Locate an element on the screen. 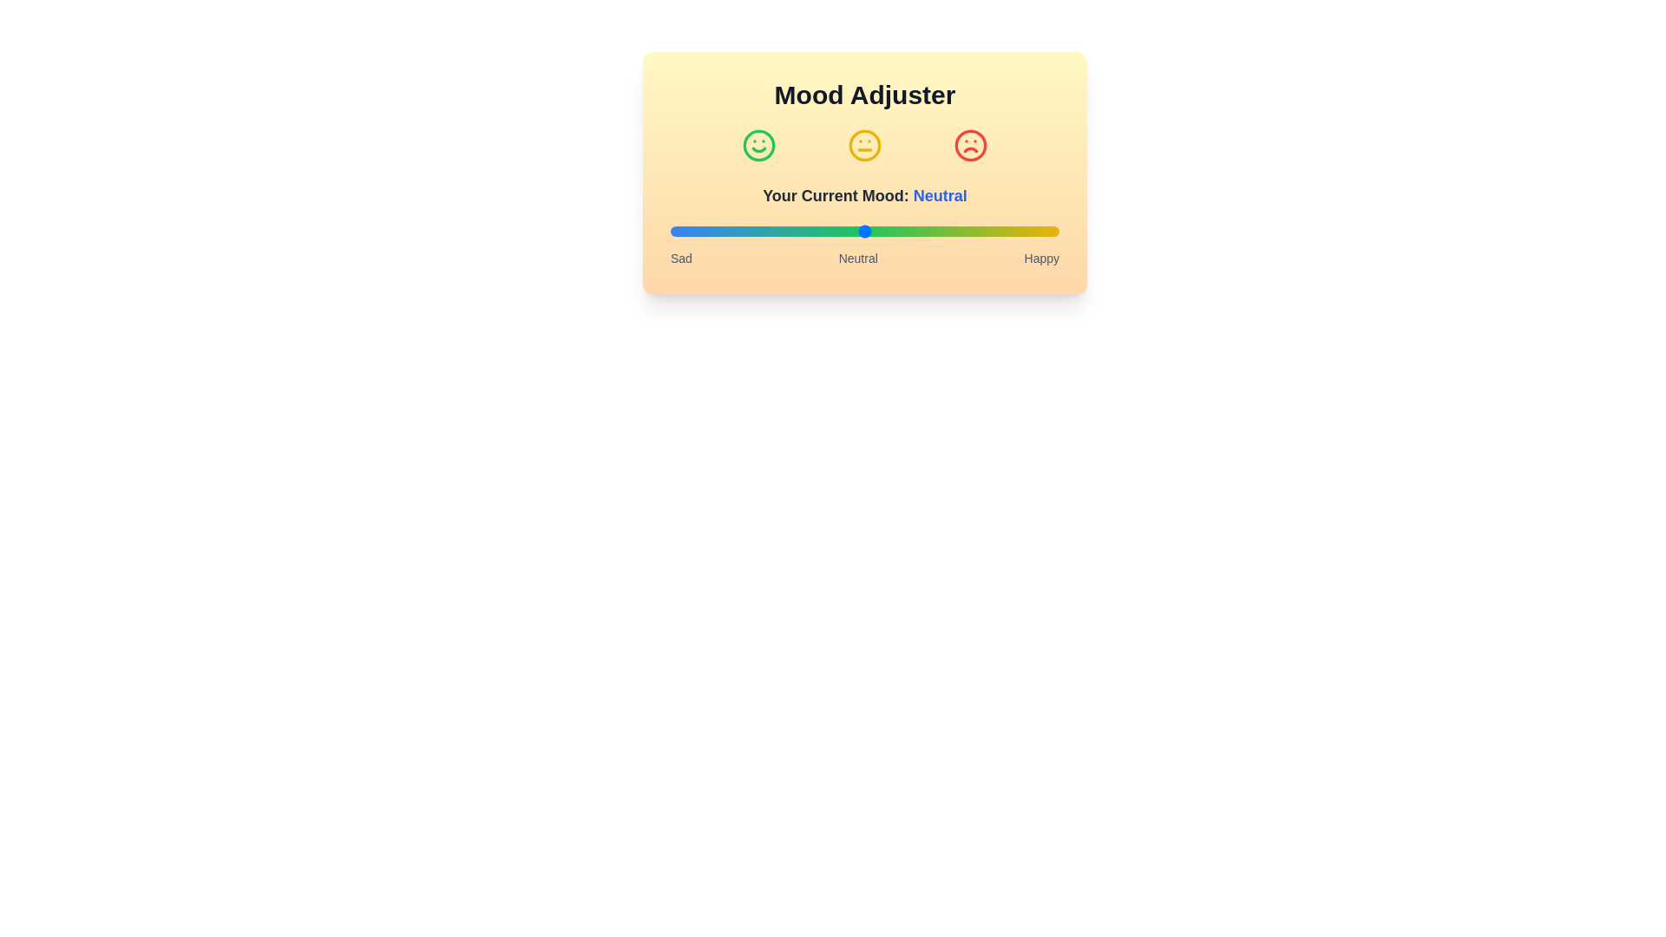 This screenshot has height=937, width=1666. the mood slider to set the mood to 20% is located at coordinates (748, 230).